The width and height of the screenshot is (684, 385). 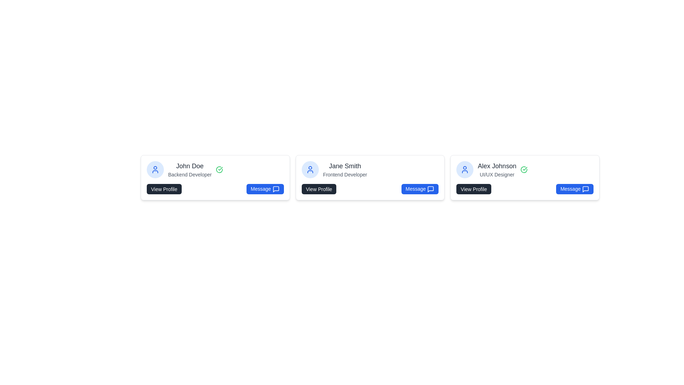 What do you see at coordinates (525, 169) in the screenshot?
I see `the validation badge in the Profile summary section` at bounding box center [525, 169].